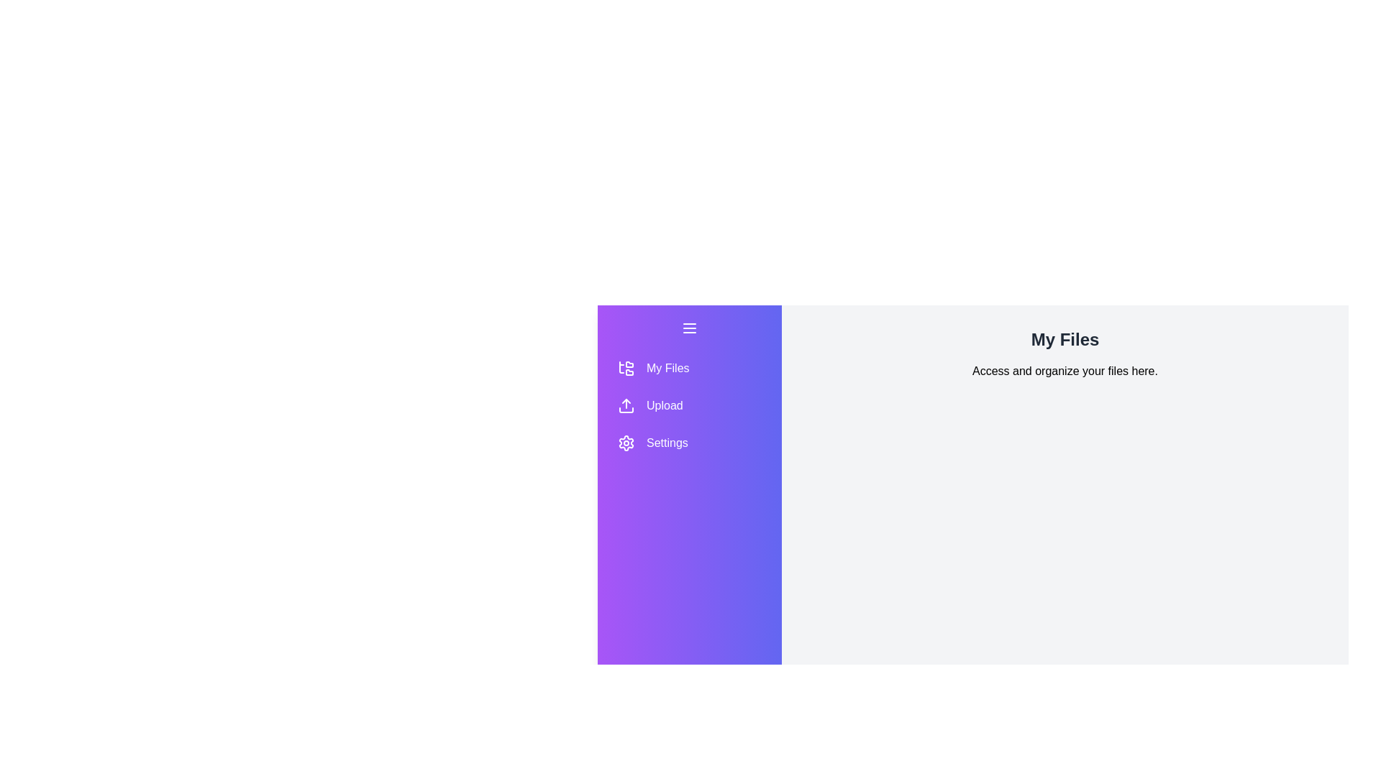  Describe the element at coordinates (689, 443) in the screenshot. I see `the section button labeled Settings` at that location.